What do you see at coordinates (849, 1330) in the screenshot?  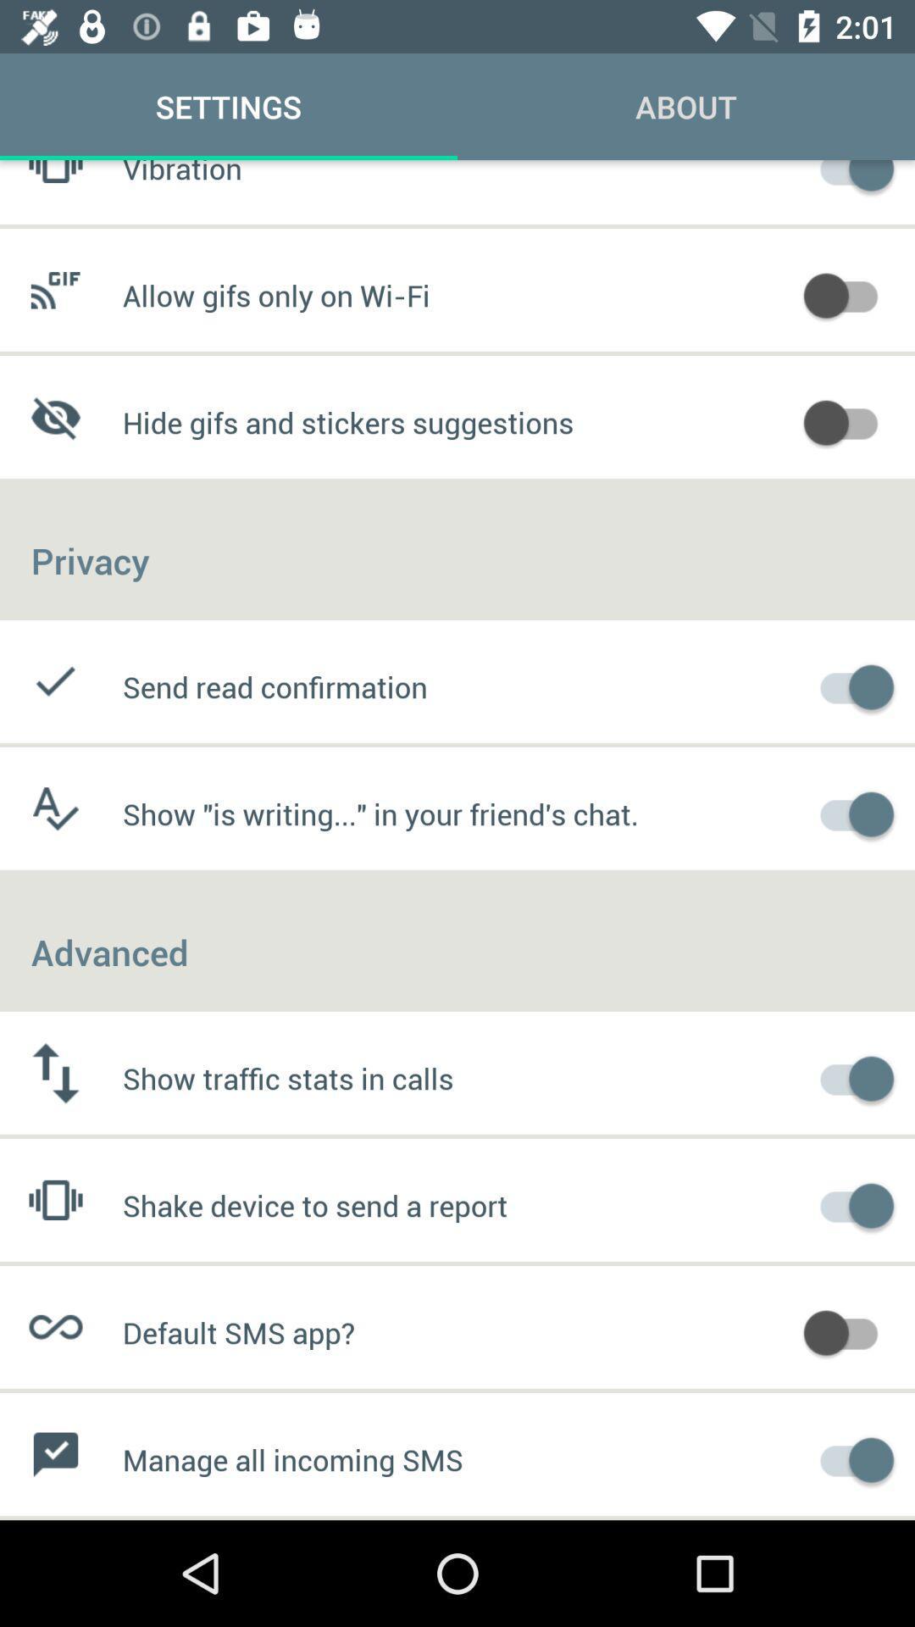 I see `default sms app option` at bounding box center [849, 1330].